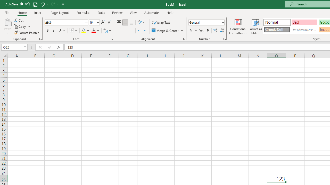 The width and height of the screenshot is (330, 185). I want to click on 'Borders', so click(73, 31).